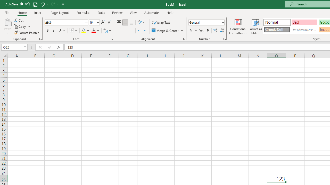 The width and height of the screenshot is (330, 185). I want to click on 'Borders', so click(73, 31).